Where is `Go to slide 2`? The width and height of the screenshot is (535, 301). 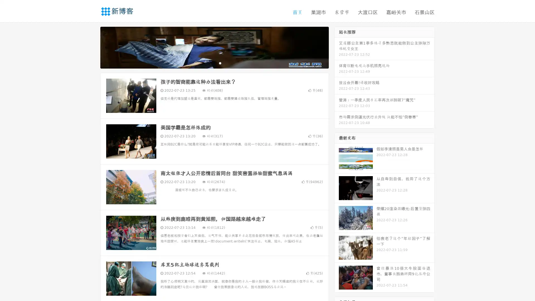 Go to slide 2 is located at coordinates (214, 63).